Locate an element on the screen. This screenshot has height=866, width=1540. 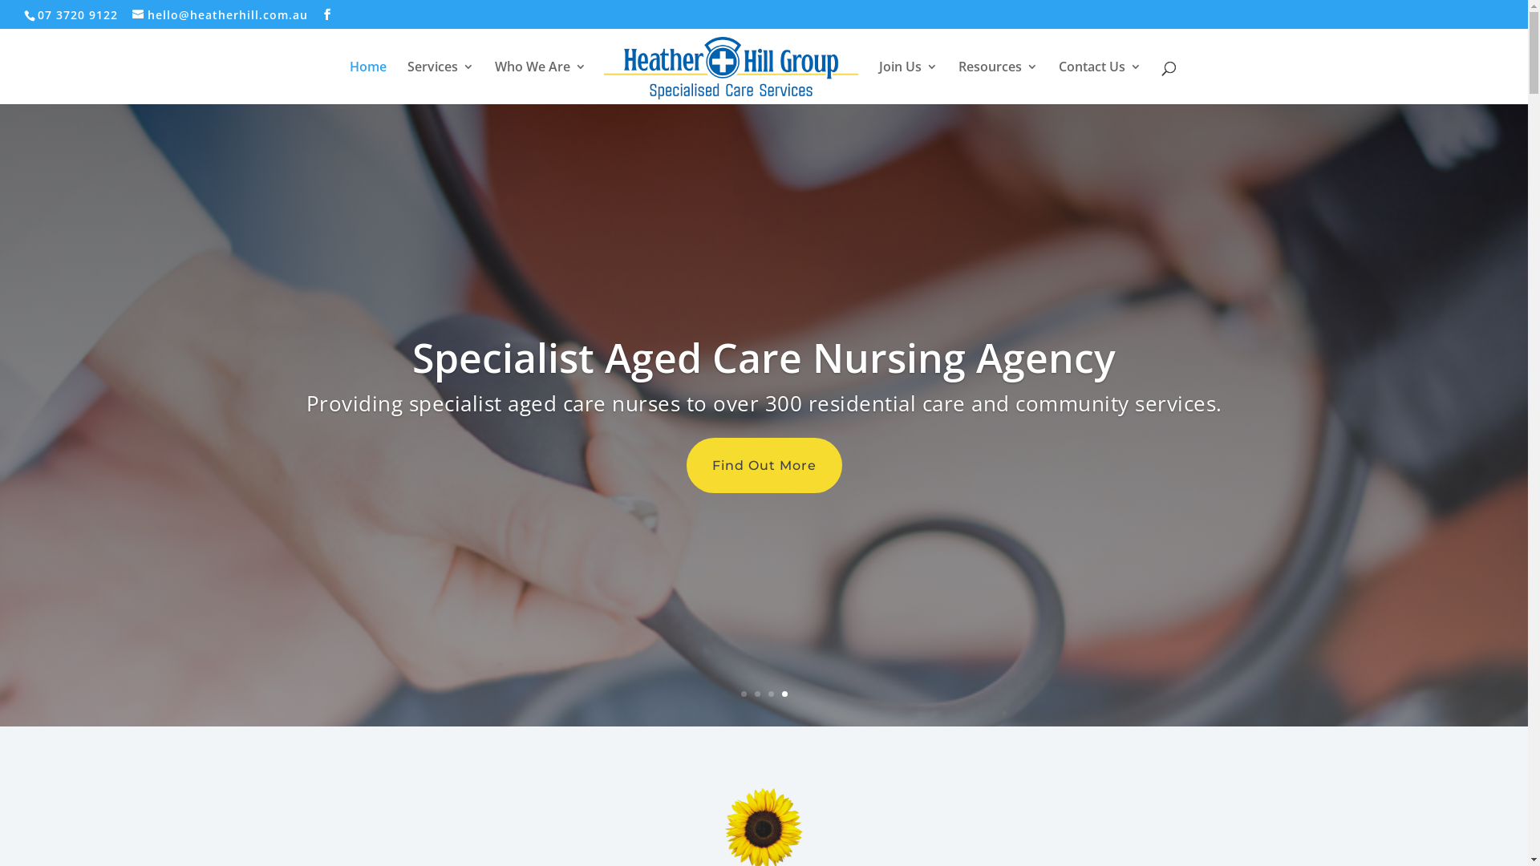
'Find Out More' is located at coordinates (764, 465).